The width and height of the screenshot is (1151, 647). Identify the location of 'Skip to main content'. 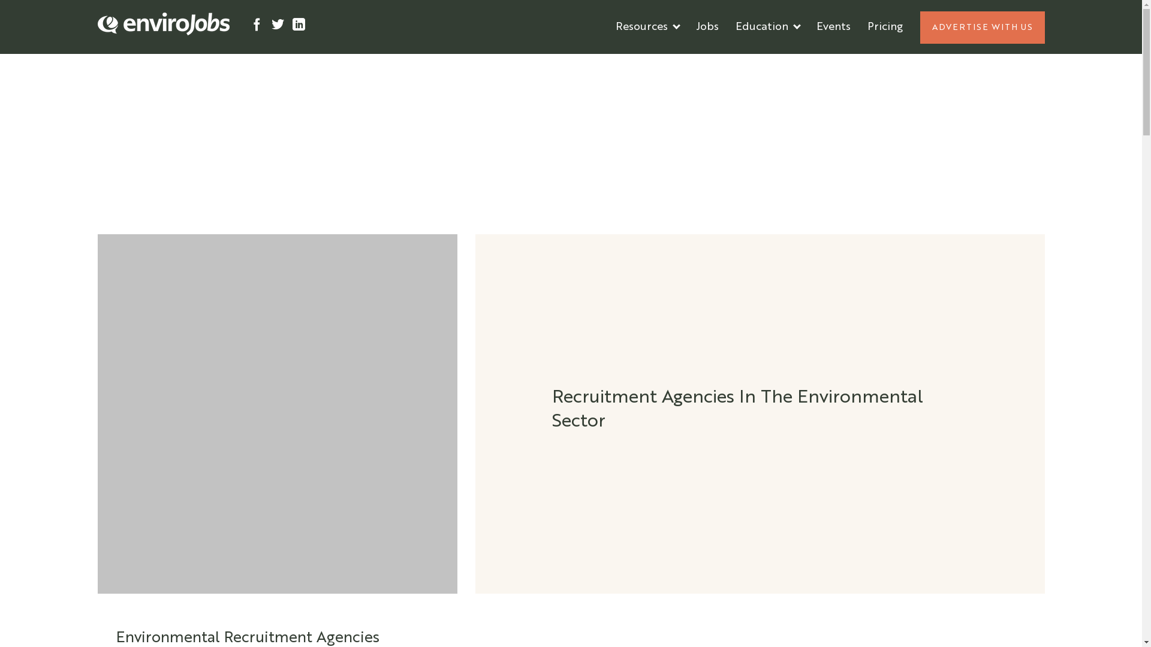
(0, 0).